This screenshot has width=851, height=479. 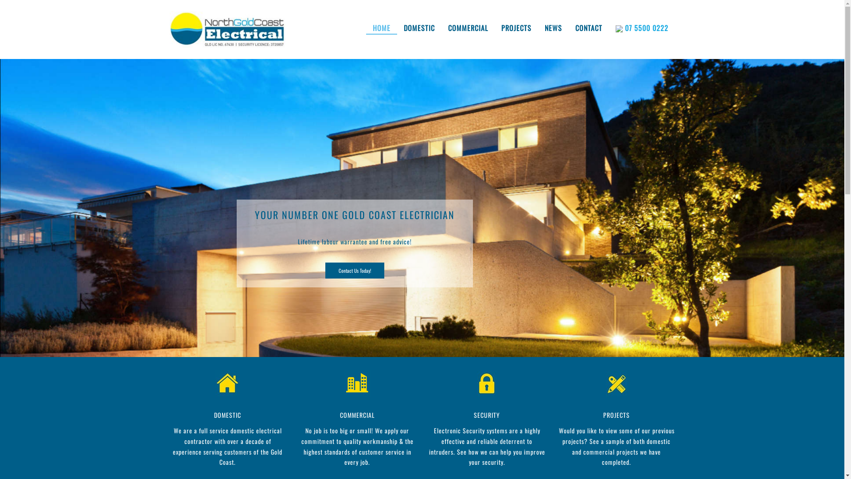 What do you see at coordinates (381, 28) in the screenshot?
I see `'HOME'` at bounding box center [381, 28].